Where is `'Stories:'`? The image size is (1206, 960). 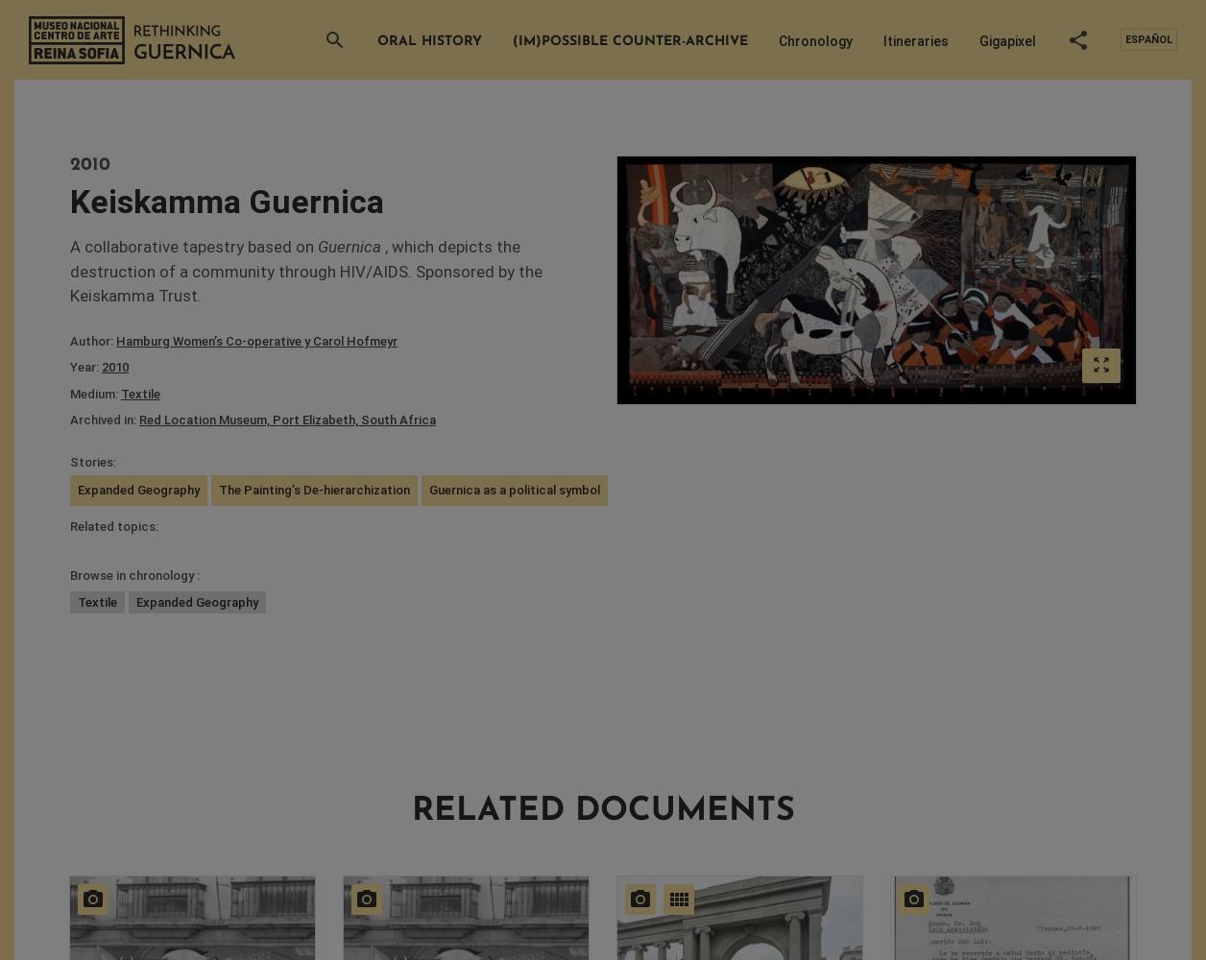
'Stories:' is located at coordinates (69, 460).